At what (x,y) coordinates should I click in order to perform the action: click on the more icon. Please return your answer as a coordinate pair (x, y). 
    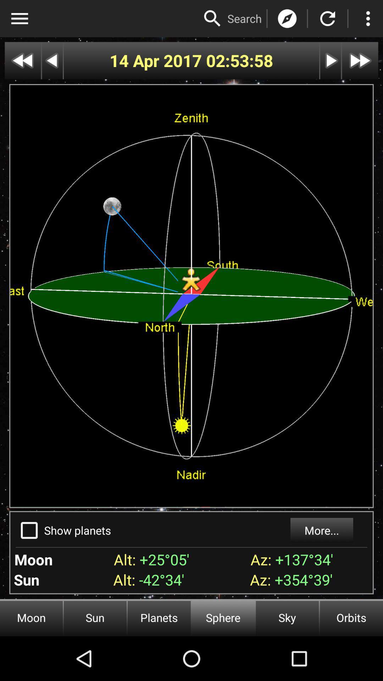
    Looking at the image, I should click on (367, 18).